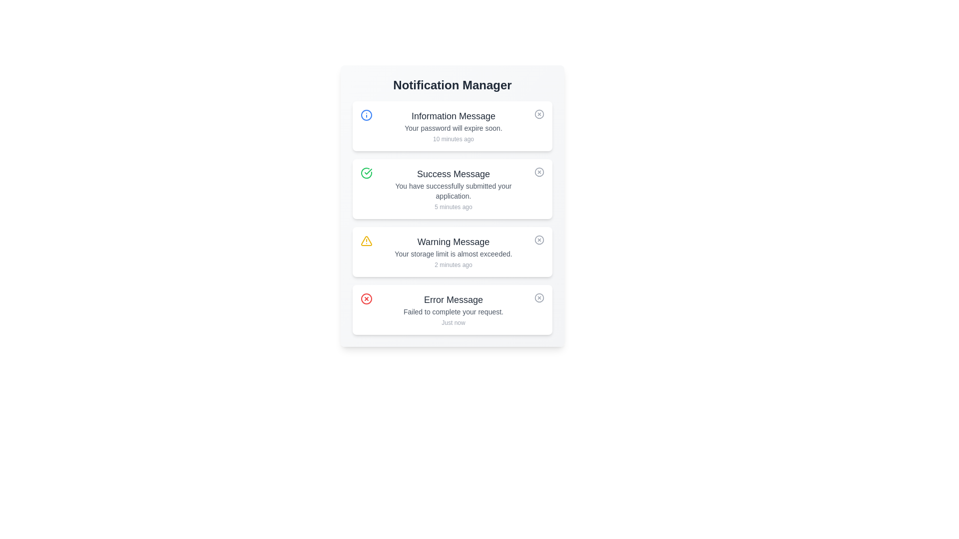 The height and width of the screenshot is (539, 959). Describe the element at coordinates (453, 115) in the screenshot. I see `the 'Information Message' static text label, which is styled in dark gray and positioned in the first notification card under the 'Notification Manager' heading` at that location.